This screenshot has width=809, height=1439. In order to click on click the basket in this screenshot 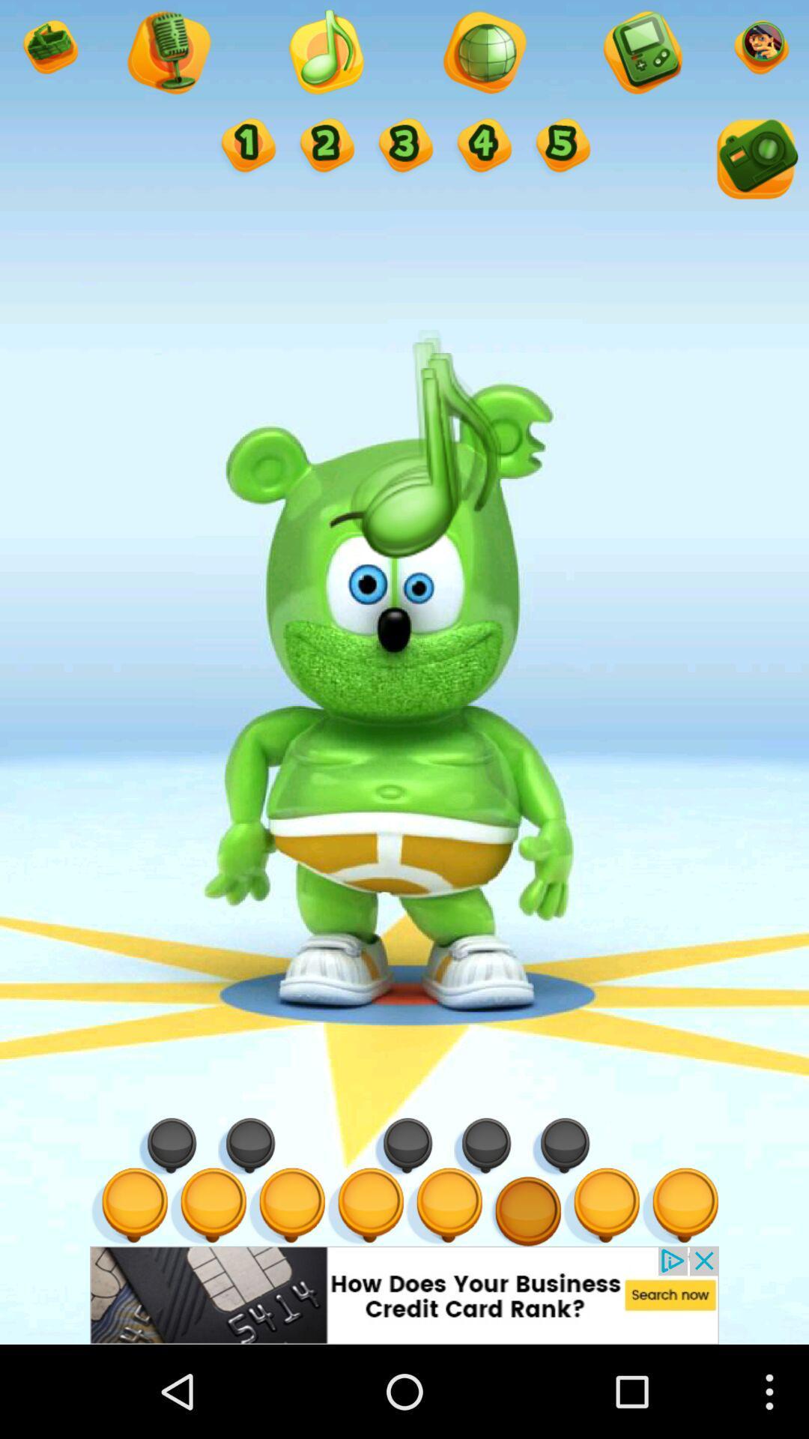, I will do `click(48, 49)`.